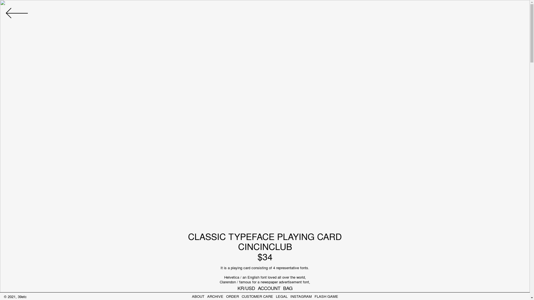  I want to click on 'ACCOUNT', so click(269, 287).